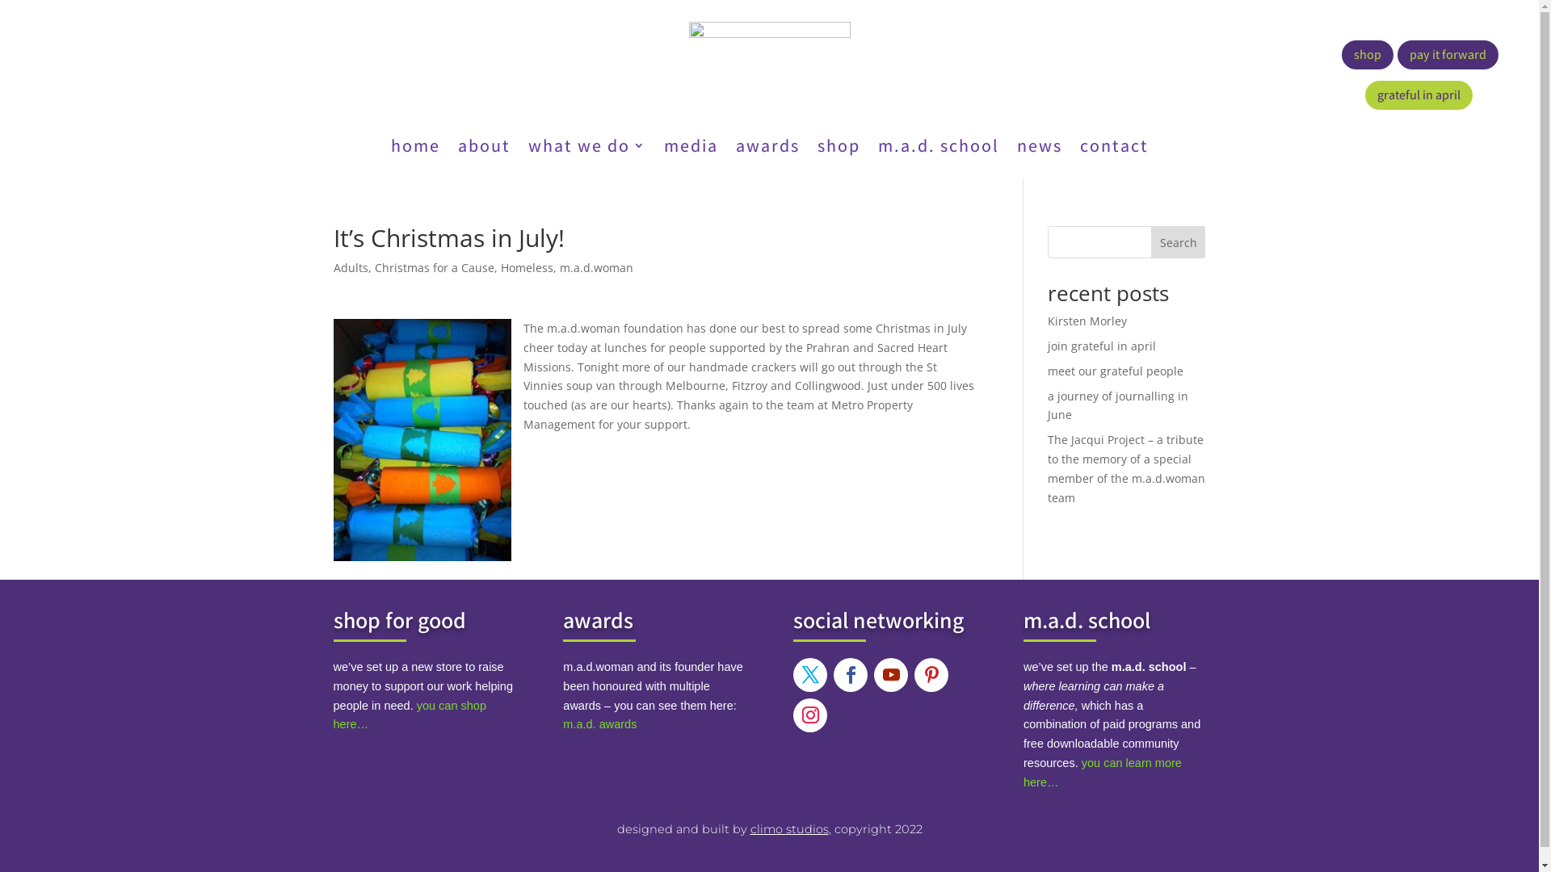  Describe the element at coordinates (349, 266) in the screenshot. I see `'Adults'` at that location.